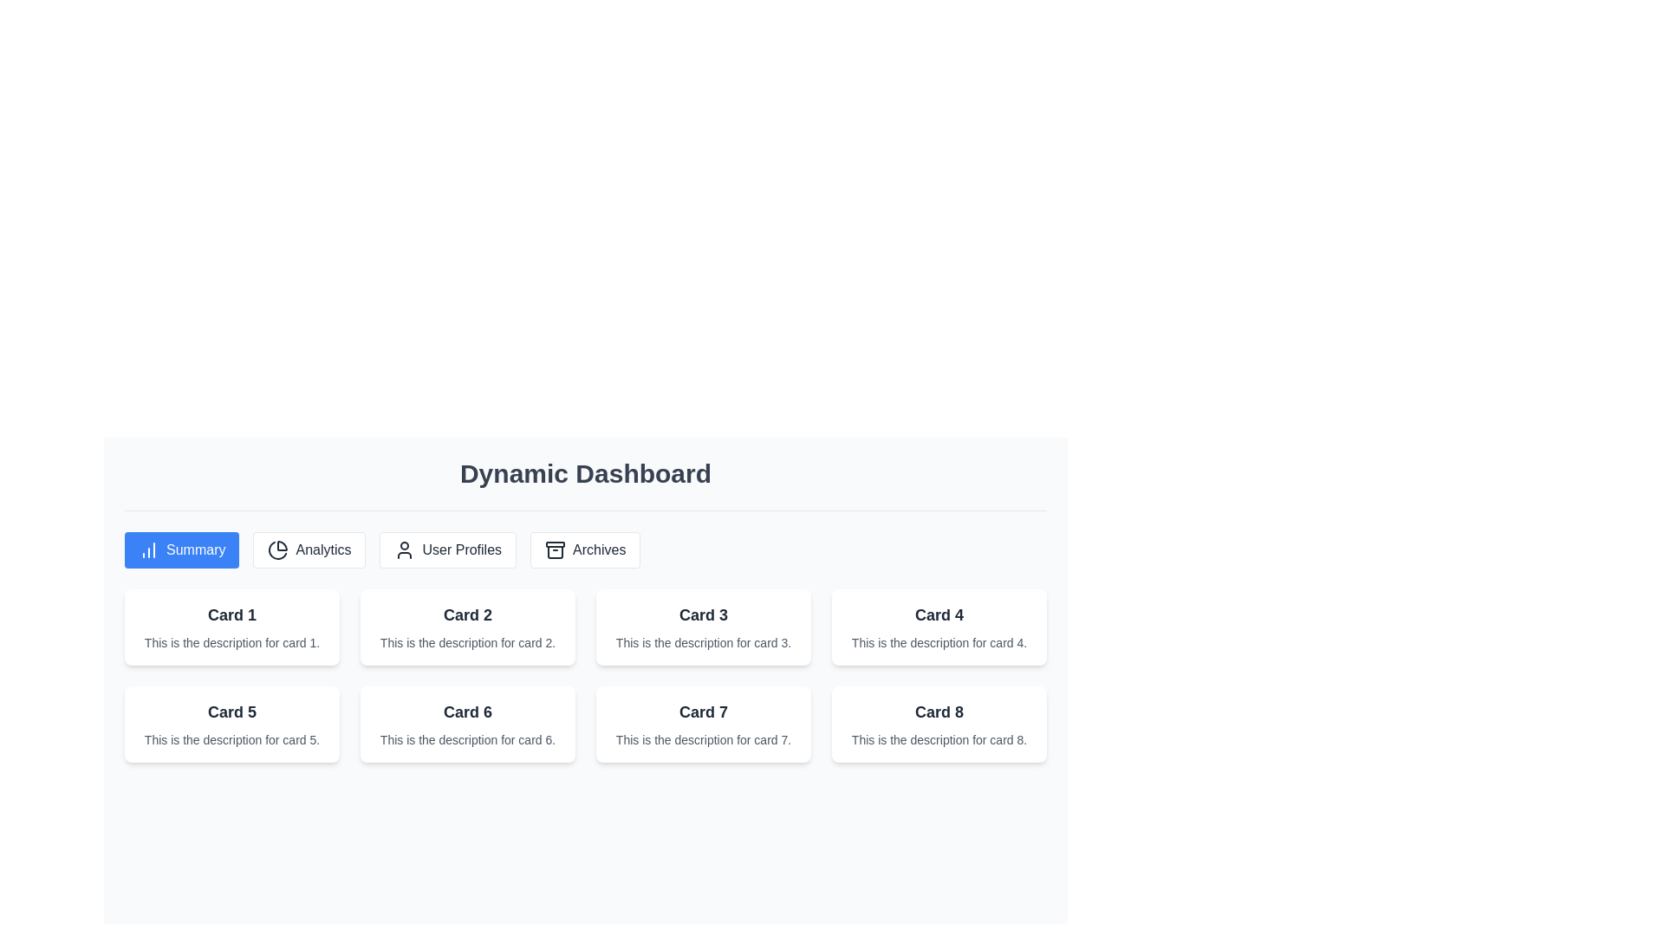 The image size is (1664, 936). I want to click on text from the Text Label that serves as the title for 'Card 3' located in the first row and third column of the grid layout, so click(703, 614).